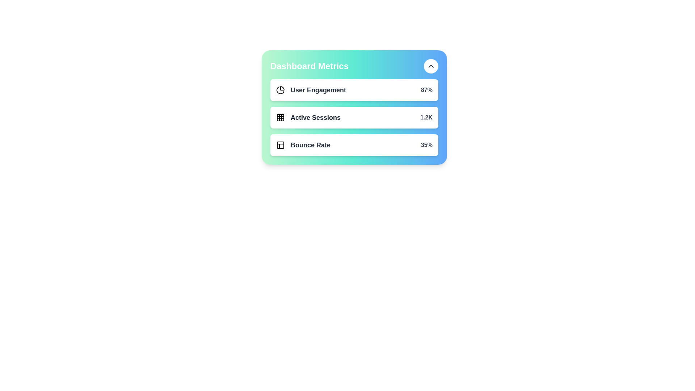 The height and width of the screenshot is (391, 695). What do you see at coordinates (280, 145) in the screenshot?
I see `the icon next to the metric Bounce Rate` at bounding box center [280, 145].